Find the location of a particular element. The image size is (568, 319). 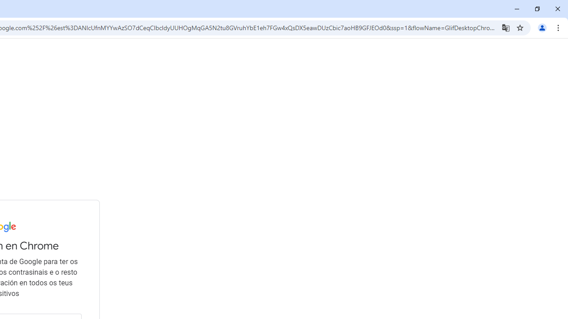

'Close' is located at coordinates (557, 9).